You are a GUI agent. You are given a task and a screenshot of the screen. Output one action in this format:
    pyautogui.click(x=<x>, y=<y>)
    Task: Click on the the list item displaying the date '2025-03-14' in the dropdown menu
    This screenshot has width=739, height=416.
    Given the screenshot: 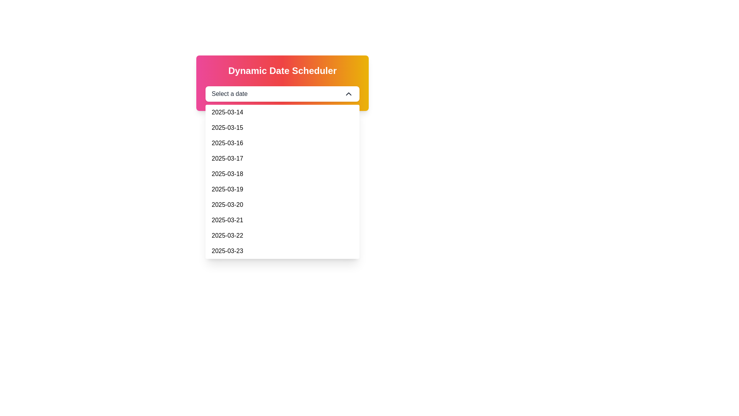 What is the action you would take?
    pyautogui.click(x=227, y=112)
    